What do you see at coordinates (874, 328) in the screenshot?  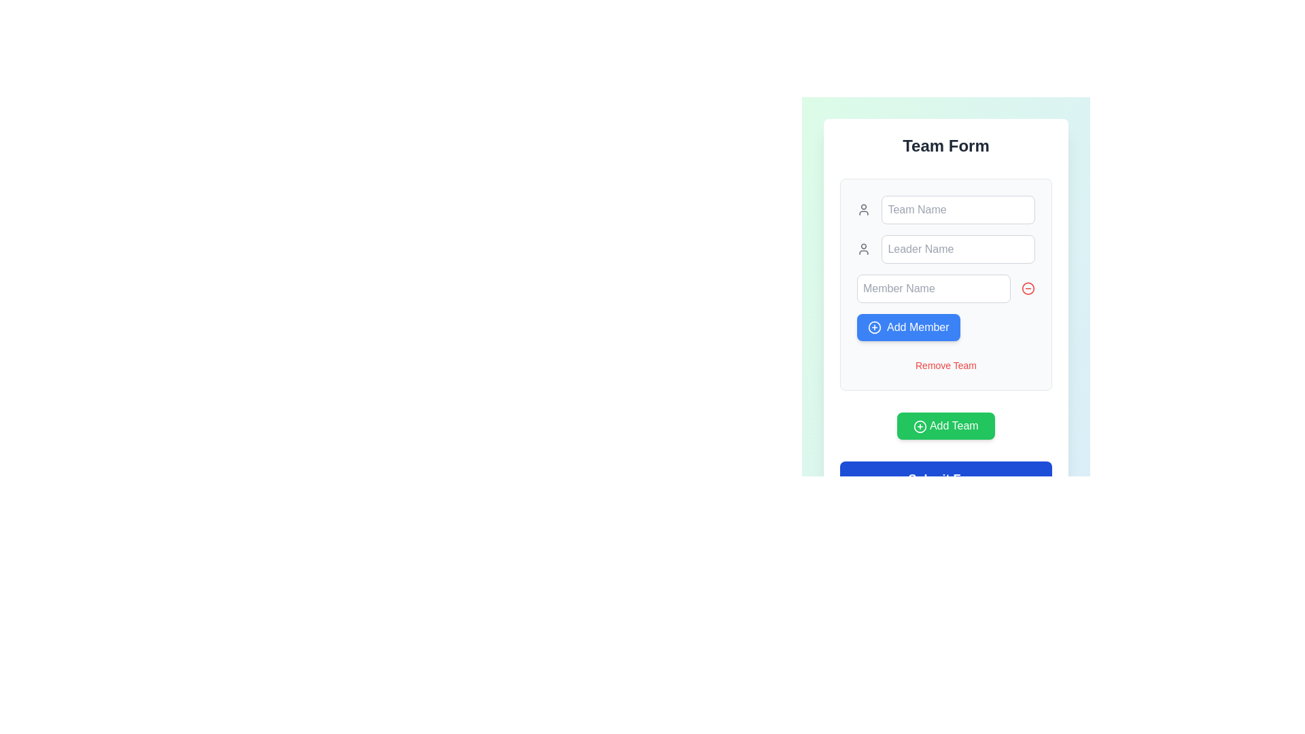 I see `the SVG icon with a circular outline and a '+' symbol, located towards the left within the 'Add Member' button` at bounding box center [874, 328].